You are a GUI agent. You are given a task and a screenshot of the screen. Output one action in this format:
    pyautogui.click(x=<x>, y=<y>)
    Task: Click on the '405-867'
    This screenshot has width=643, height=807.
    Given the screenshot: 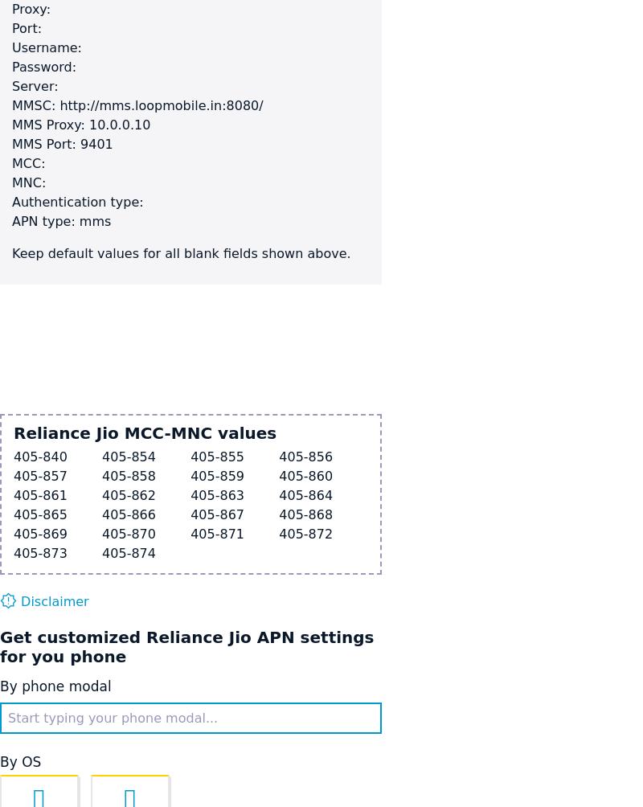 What is the action you would take?
    pyautogui.click(x=217, y=514)
    